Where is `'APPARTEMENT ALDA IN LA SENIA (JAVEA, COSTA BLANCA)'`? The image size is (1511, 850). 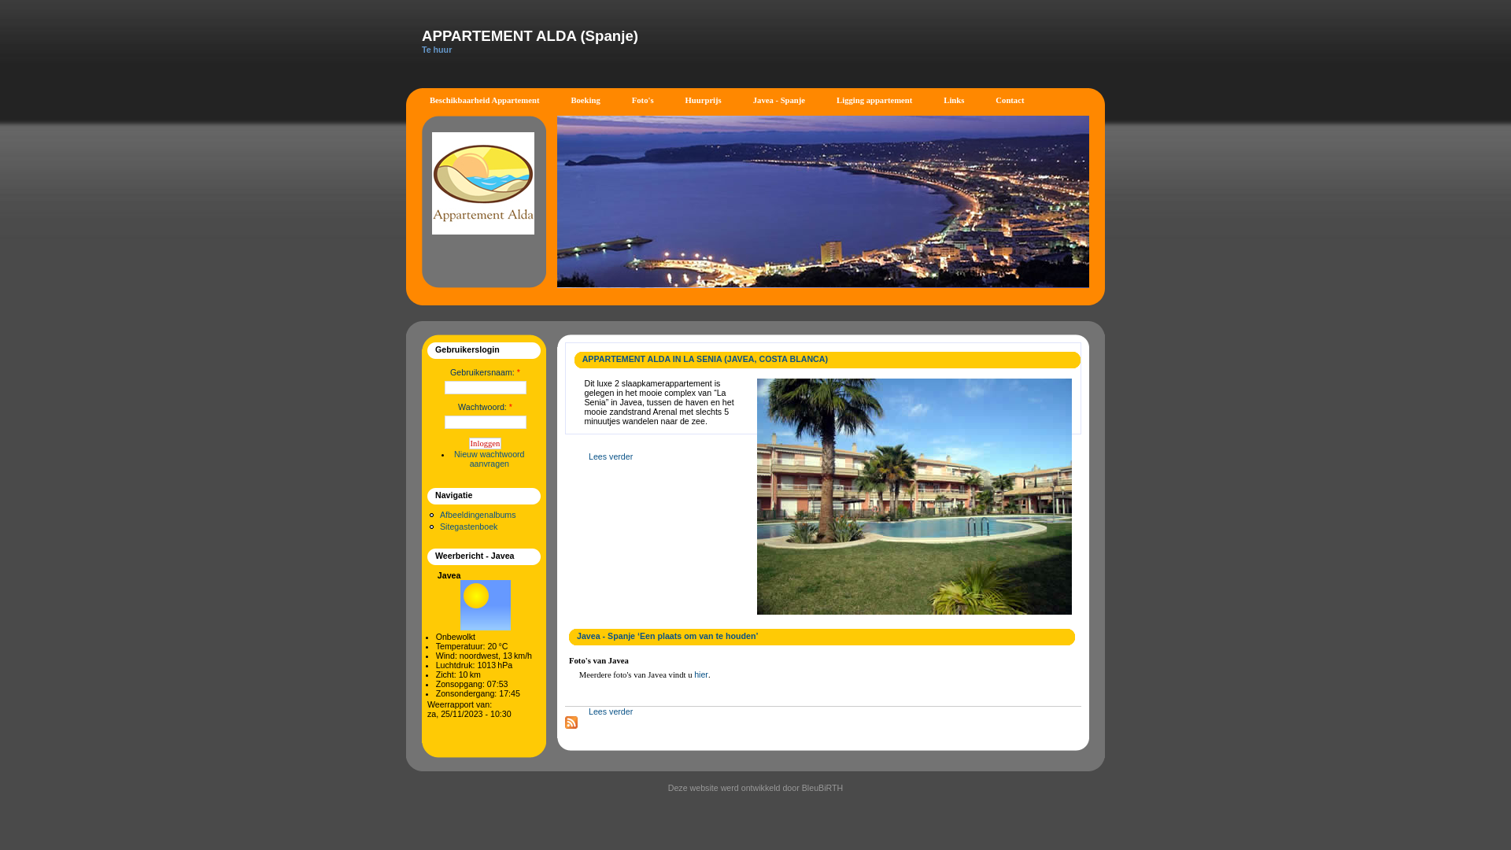
'APPARTEMENT ALDA IN LA SENIA (JAVEA, COSTA BLANCA)' is located at coordinates (704, 358).